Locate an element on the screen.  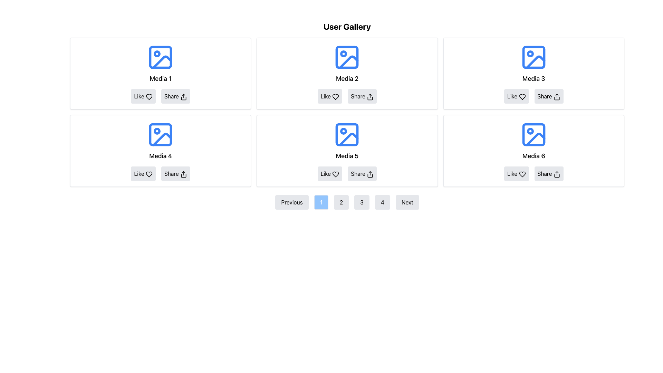
the 'Like' button with a heart icon located in the lower section of the 'Media 2' card, positioned on the left within the row of buttons is located at coordinates (329, 96).